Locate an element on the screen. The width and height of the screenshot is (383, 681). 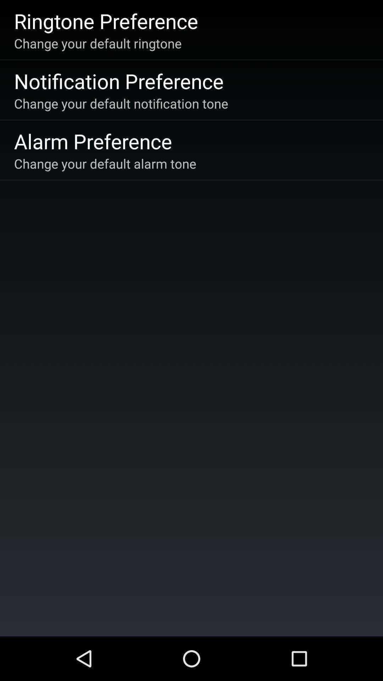
icon above the change your default icon is located at coordinates (106, 21).